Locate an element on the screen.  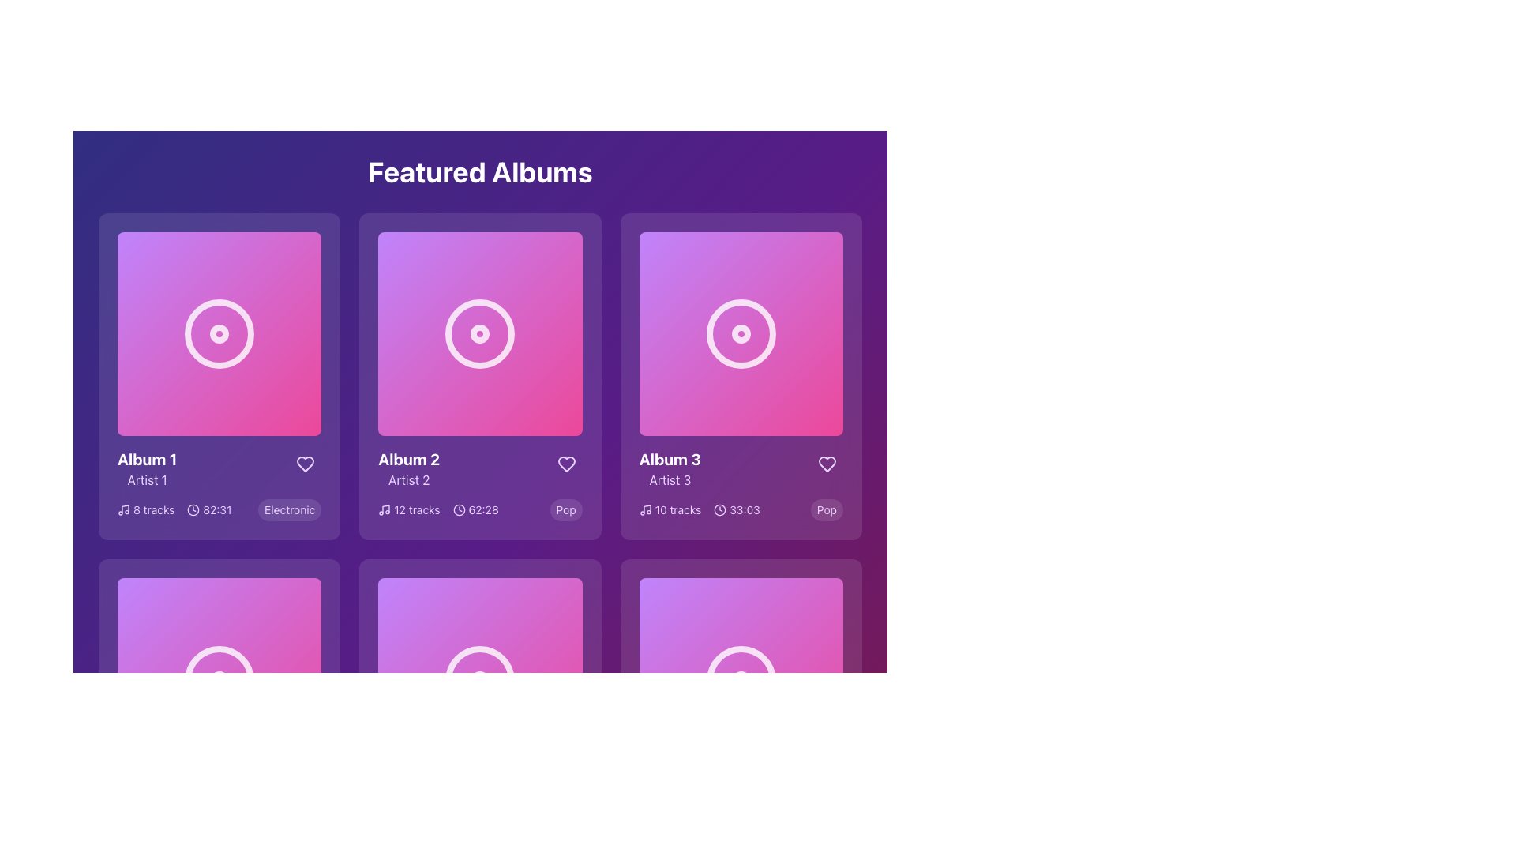
the heart-shaped icon button outlined in purple located in the bottom-right corner of the 'Album 1 by Artist 1' card is located at coordinates (306, 464).